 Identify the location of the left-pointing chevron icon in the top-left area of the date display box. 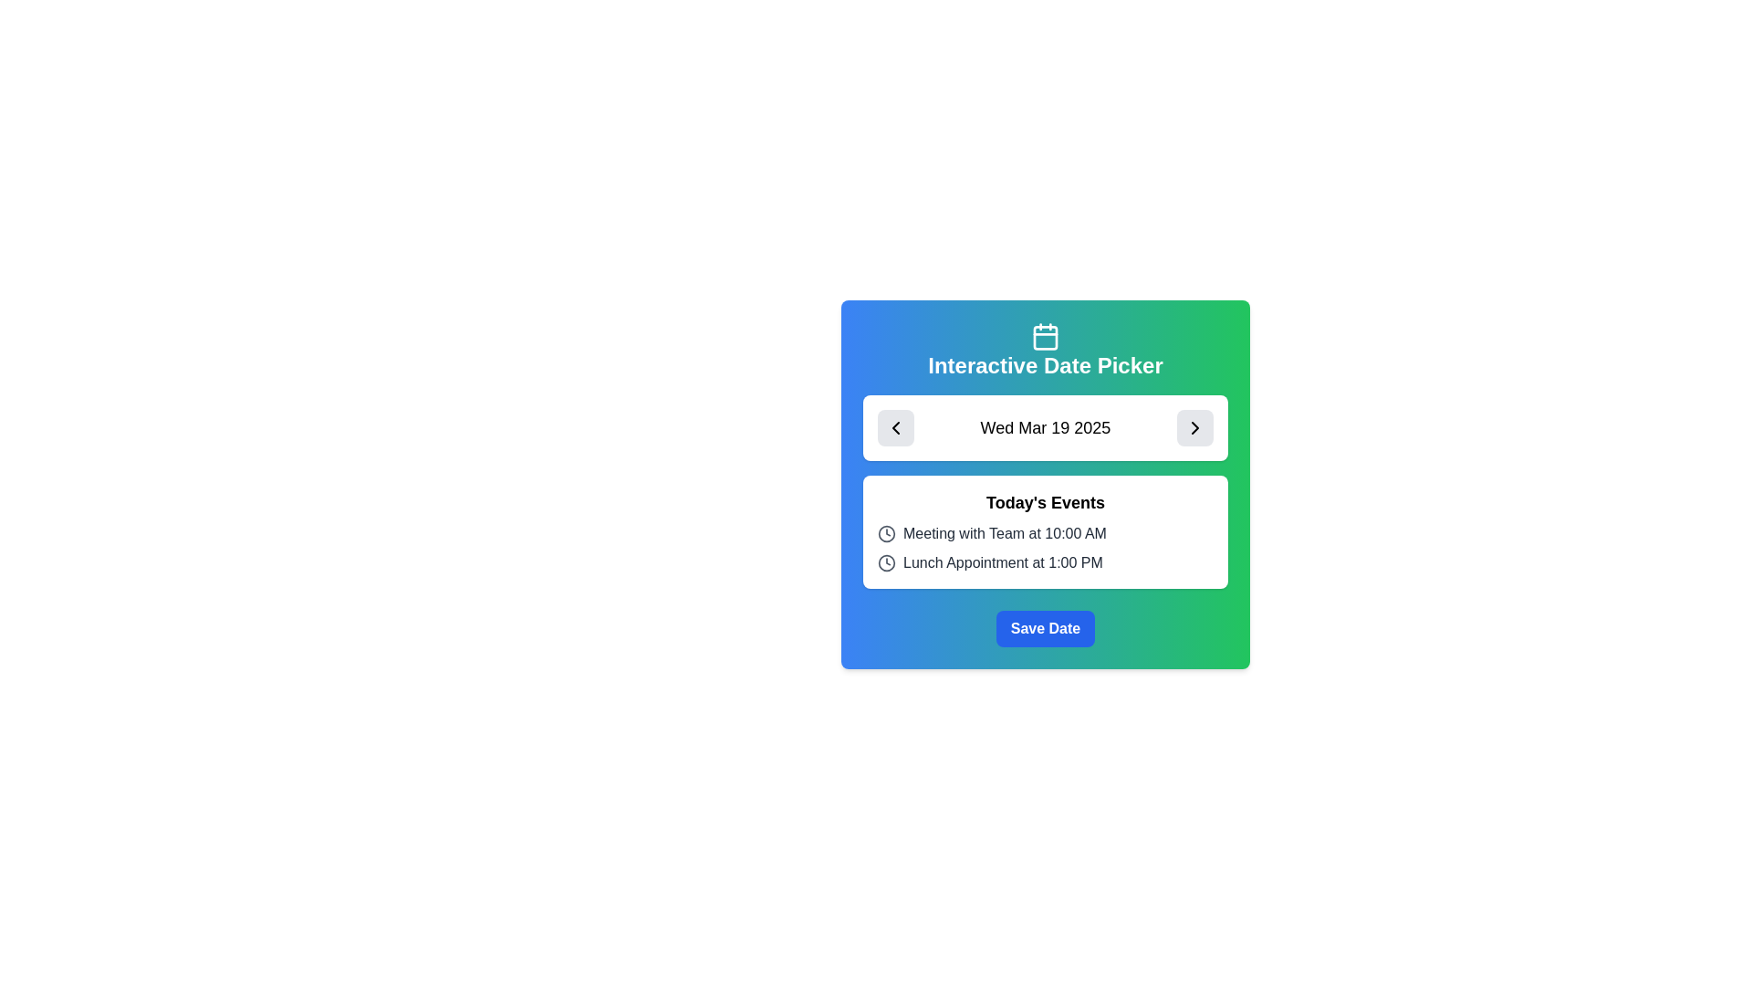
(896, 428).